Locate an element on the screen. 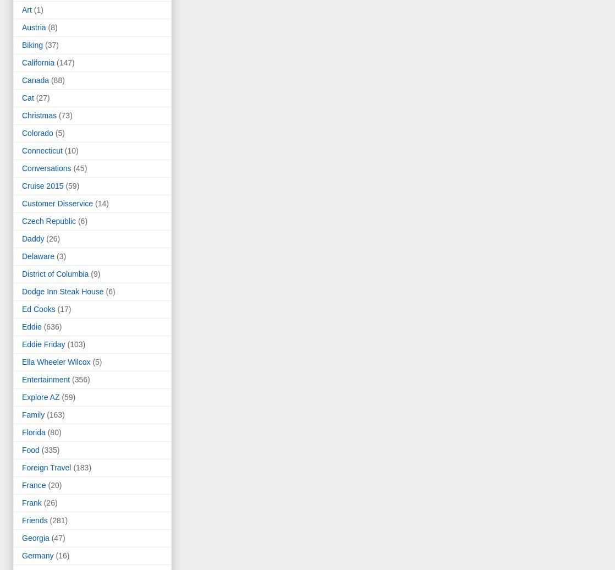 The height and width of the screenshot is (570, 615). 'Austria' is located at coordinates (34, 28).